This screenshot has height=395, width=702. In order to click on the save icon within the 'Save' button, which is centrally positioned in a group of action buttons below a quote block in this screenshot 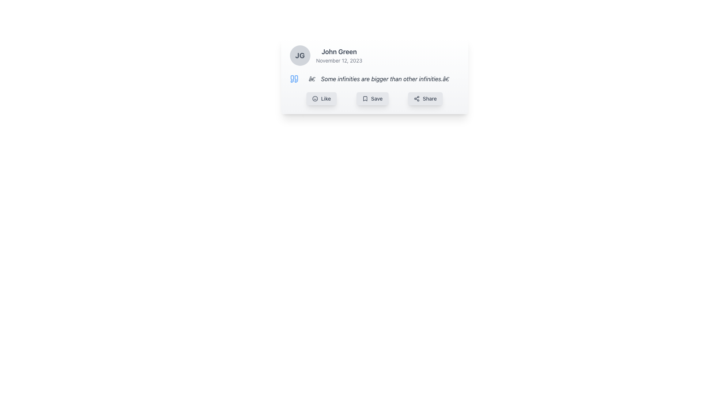, I will do `click(365, 99)`.